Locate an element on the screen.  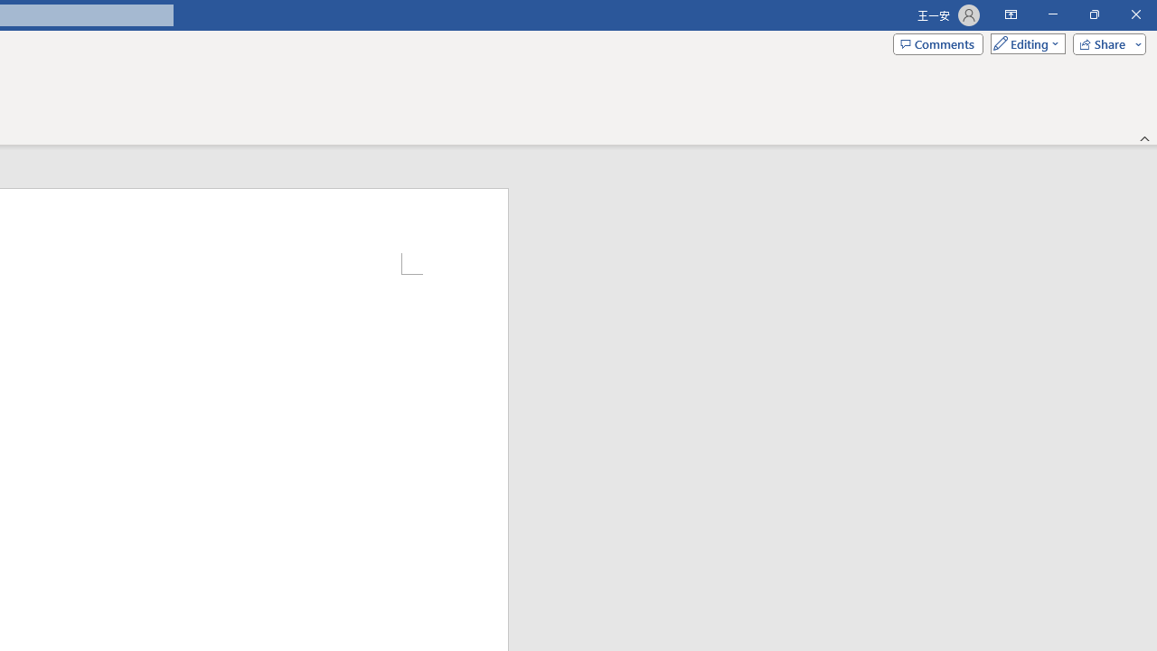
'Share' is located at coordinates (1105, 42).